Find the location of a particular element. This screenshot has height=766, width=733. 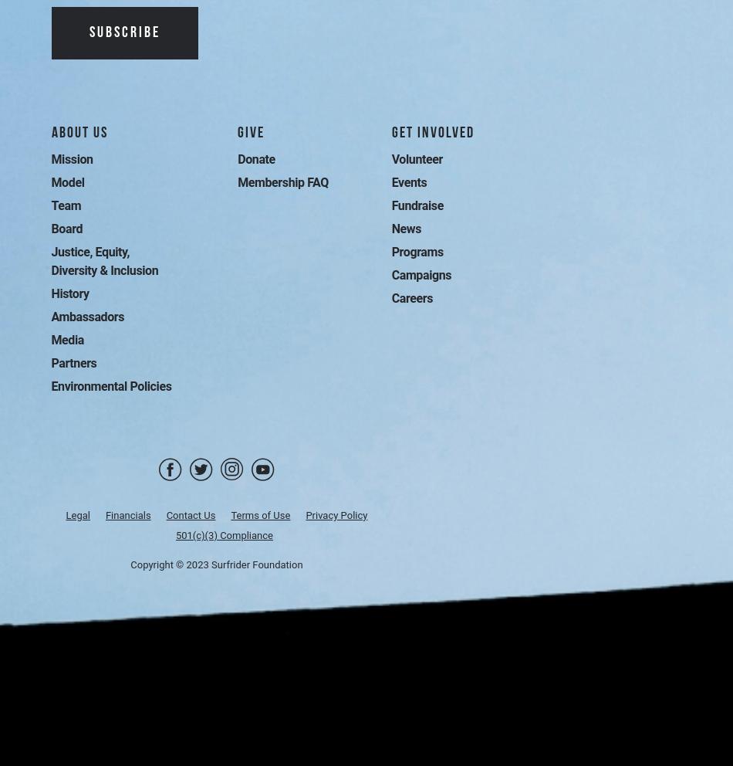

'Ambassadors' is located at coordinates (51, 317).